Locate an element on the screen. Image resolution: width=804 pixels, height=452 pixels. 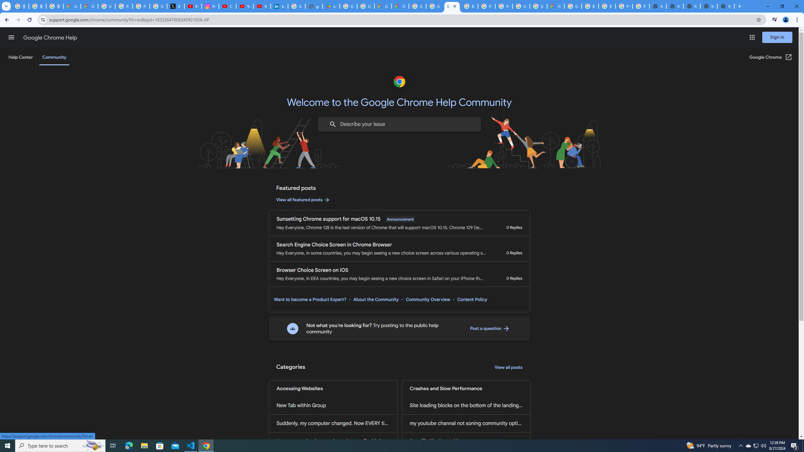
'Last Shelter: Survival - Apps on Google Play' is located at coordinates (331, 6).